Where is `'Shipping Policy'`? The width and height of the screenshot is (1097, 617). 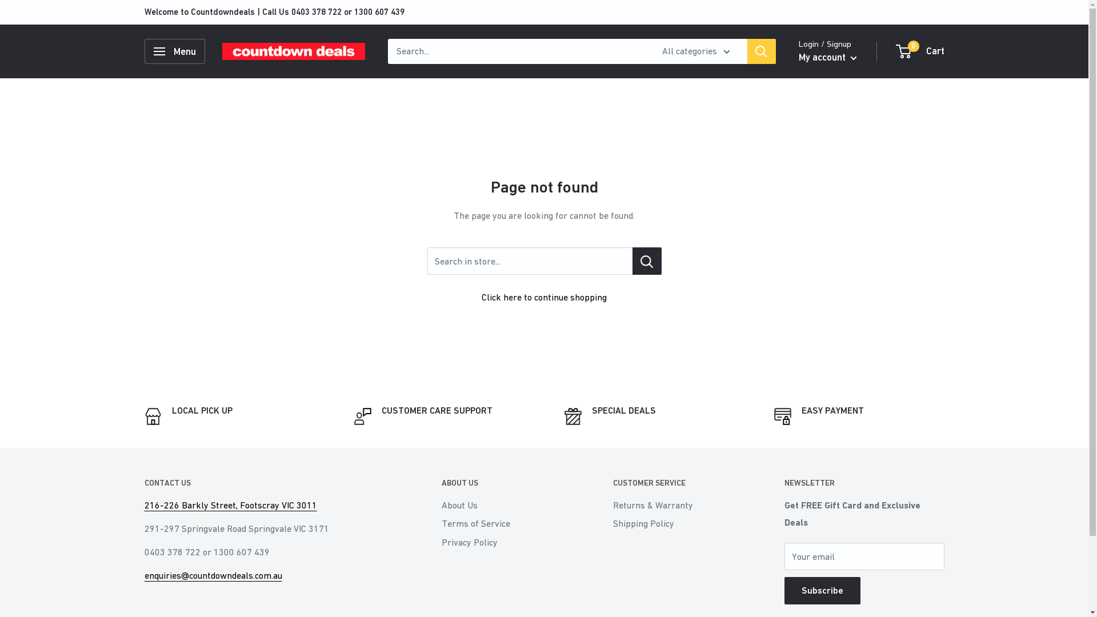
'Shipping Policy' is located at coordinates (678, 523).